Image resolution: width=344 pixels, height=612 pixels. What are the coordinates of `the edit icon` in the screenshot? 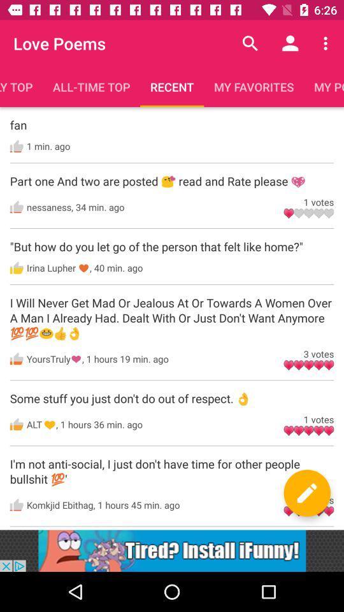 It's located at (306, 492).